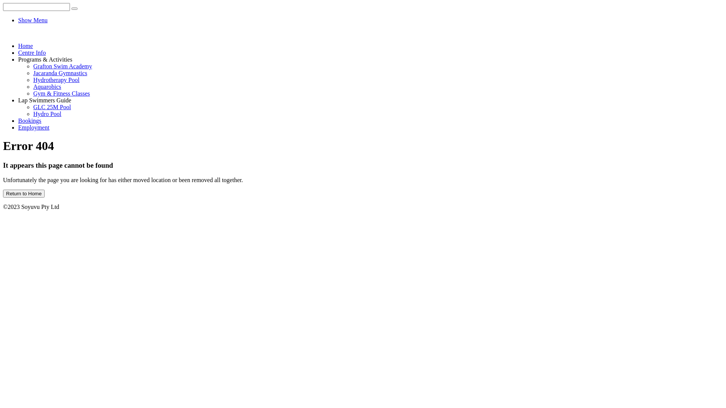 The height and width of the screenshot is (408, 726). I want to click on 'Lap Swimmers Guide', so click(44, 100).